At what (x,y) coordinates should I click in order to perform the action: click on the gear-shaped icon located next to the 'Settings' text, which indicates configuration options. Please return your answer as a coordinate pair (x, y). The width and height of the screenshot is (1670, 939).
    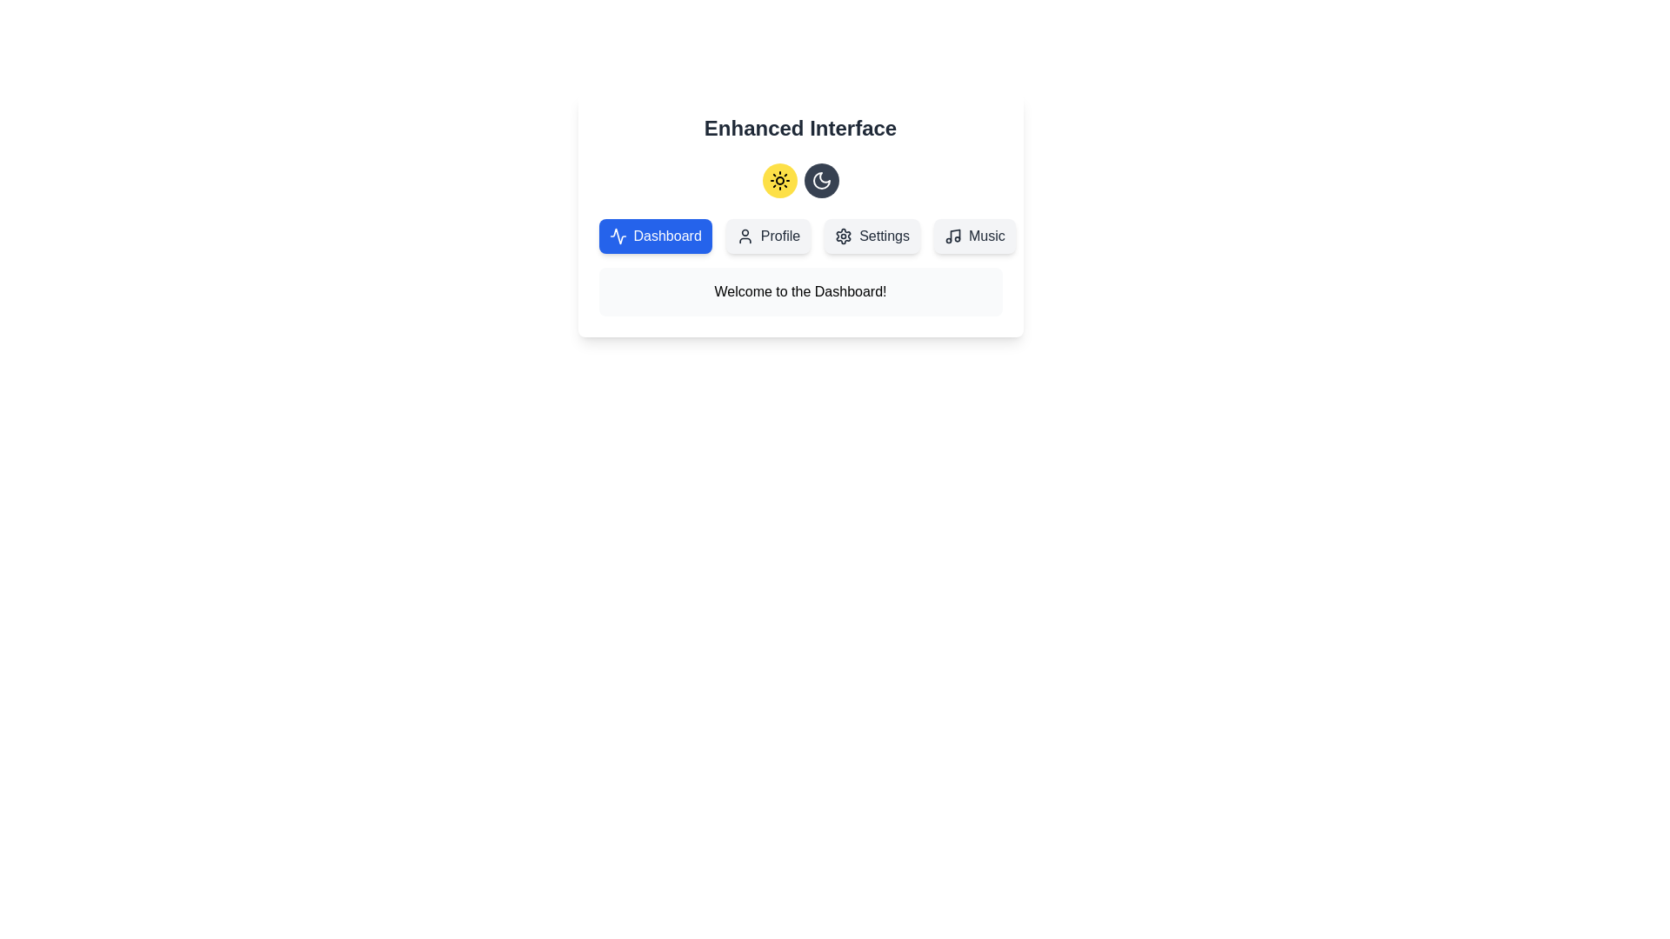
    Looking at the image, I should click on (844, 236).